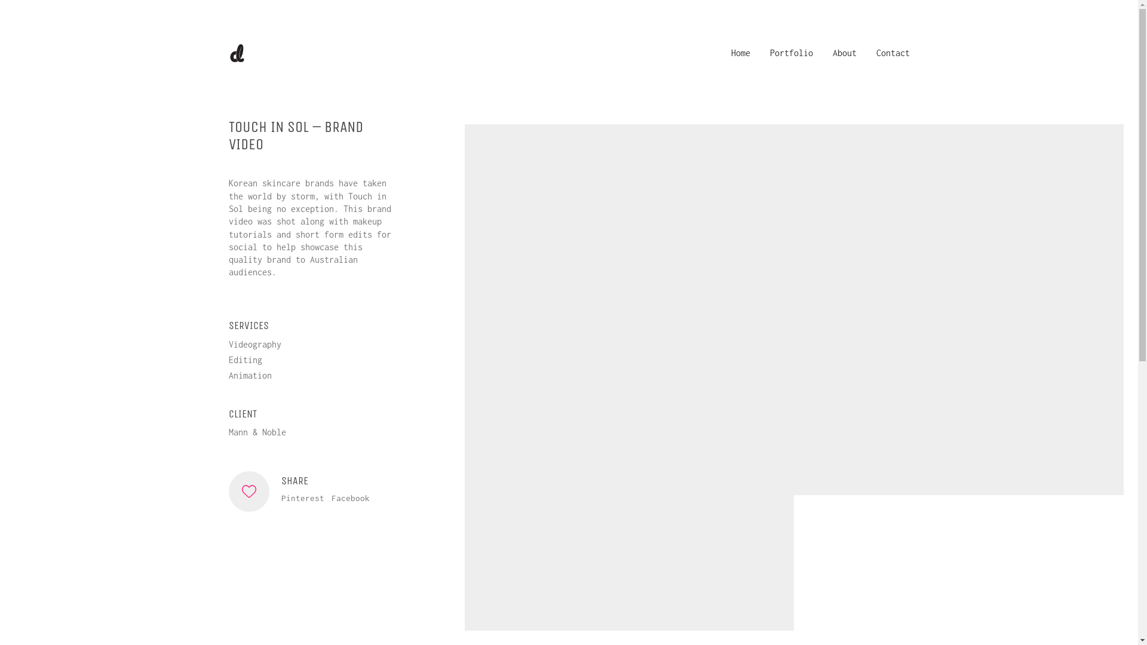 This screenshot has width=1147, height=645. I want to click on 'Contact', so click(875, 52).